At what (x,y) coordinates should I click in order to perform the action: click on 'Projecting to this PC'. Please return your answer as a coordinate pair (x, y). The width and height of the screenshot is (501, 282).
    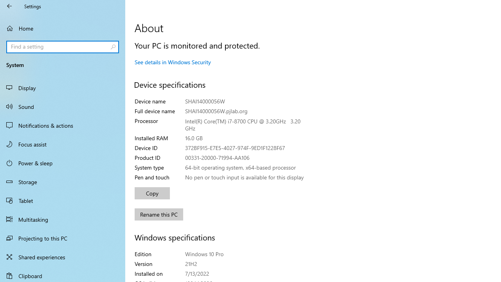
    Looking at the image, I should click on (63, 238).